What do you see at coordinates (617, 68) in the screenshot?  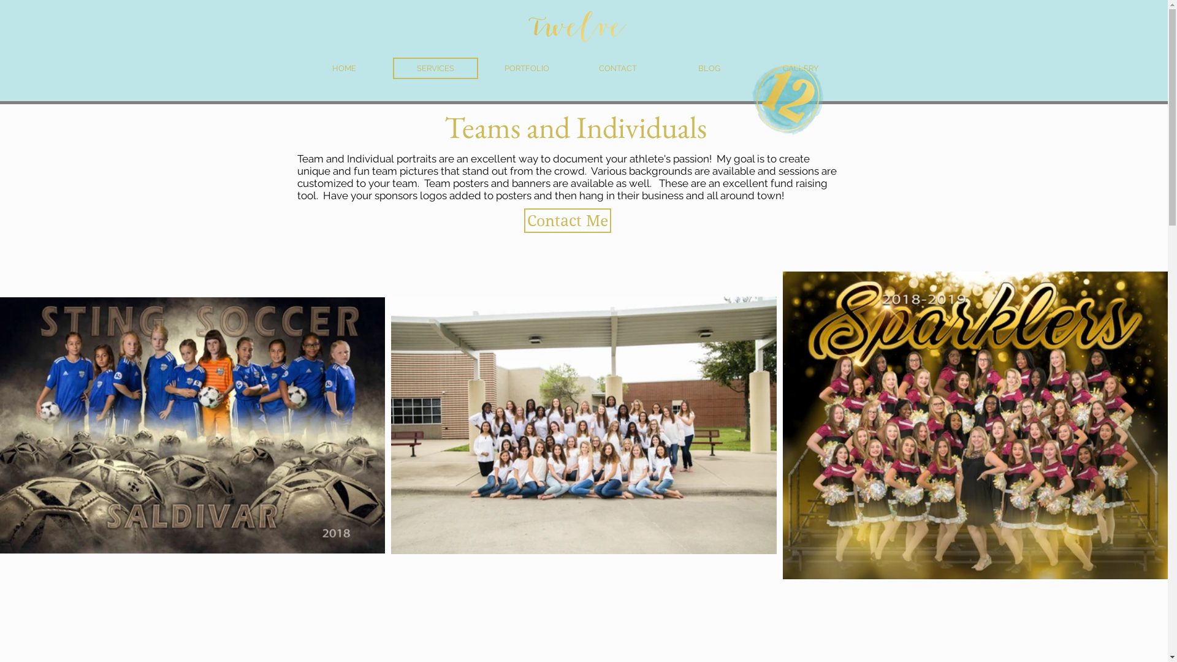 I see `'CONTACT'` at bounding box center [617, 68].